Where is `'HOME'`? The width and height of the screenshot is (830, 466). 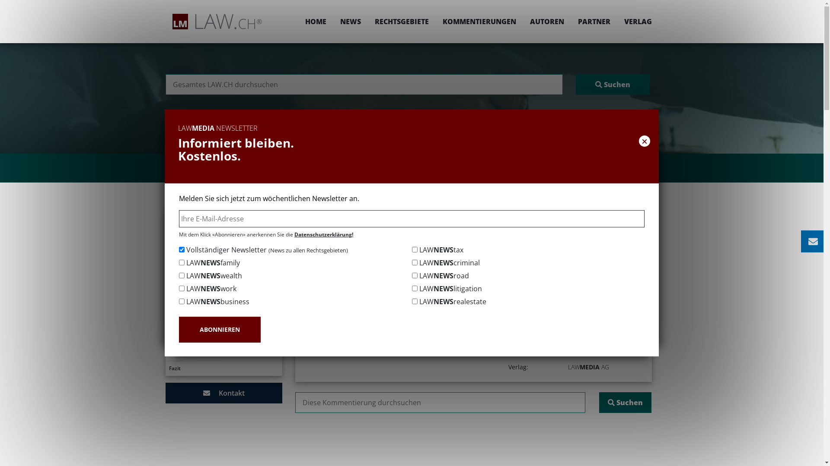 'HOME' is located at coordinates (315, 21).